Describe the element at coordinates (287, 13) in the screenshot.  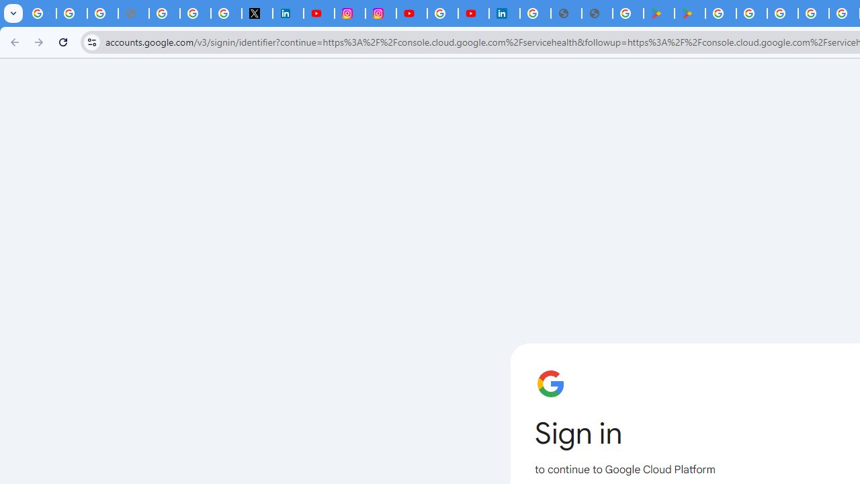
I see `'LinkedIn Privacy Policy'` at that location.